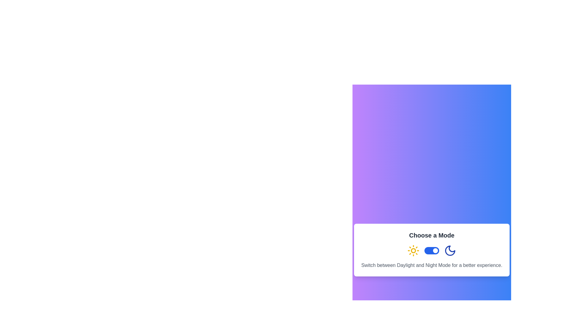 This screenshot has width=588, height=331. I want to click on the night mode indicator icon located to the immediate right of the toggle switch, so click(450, 250).